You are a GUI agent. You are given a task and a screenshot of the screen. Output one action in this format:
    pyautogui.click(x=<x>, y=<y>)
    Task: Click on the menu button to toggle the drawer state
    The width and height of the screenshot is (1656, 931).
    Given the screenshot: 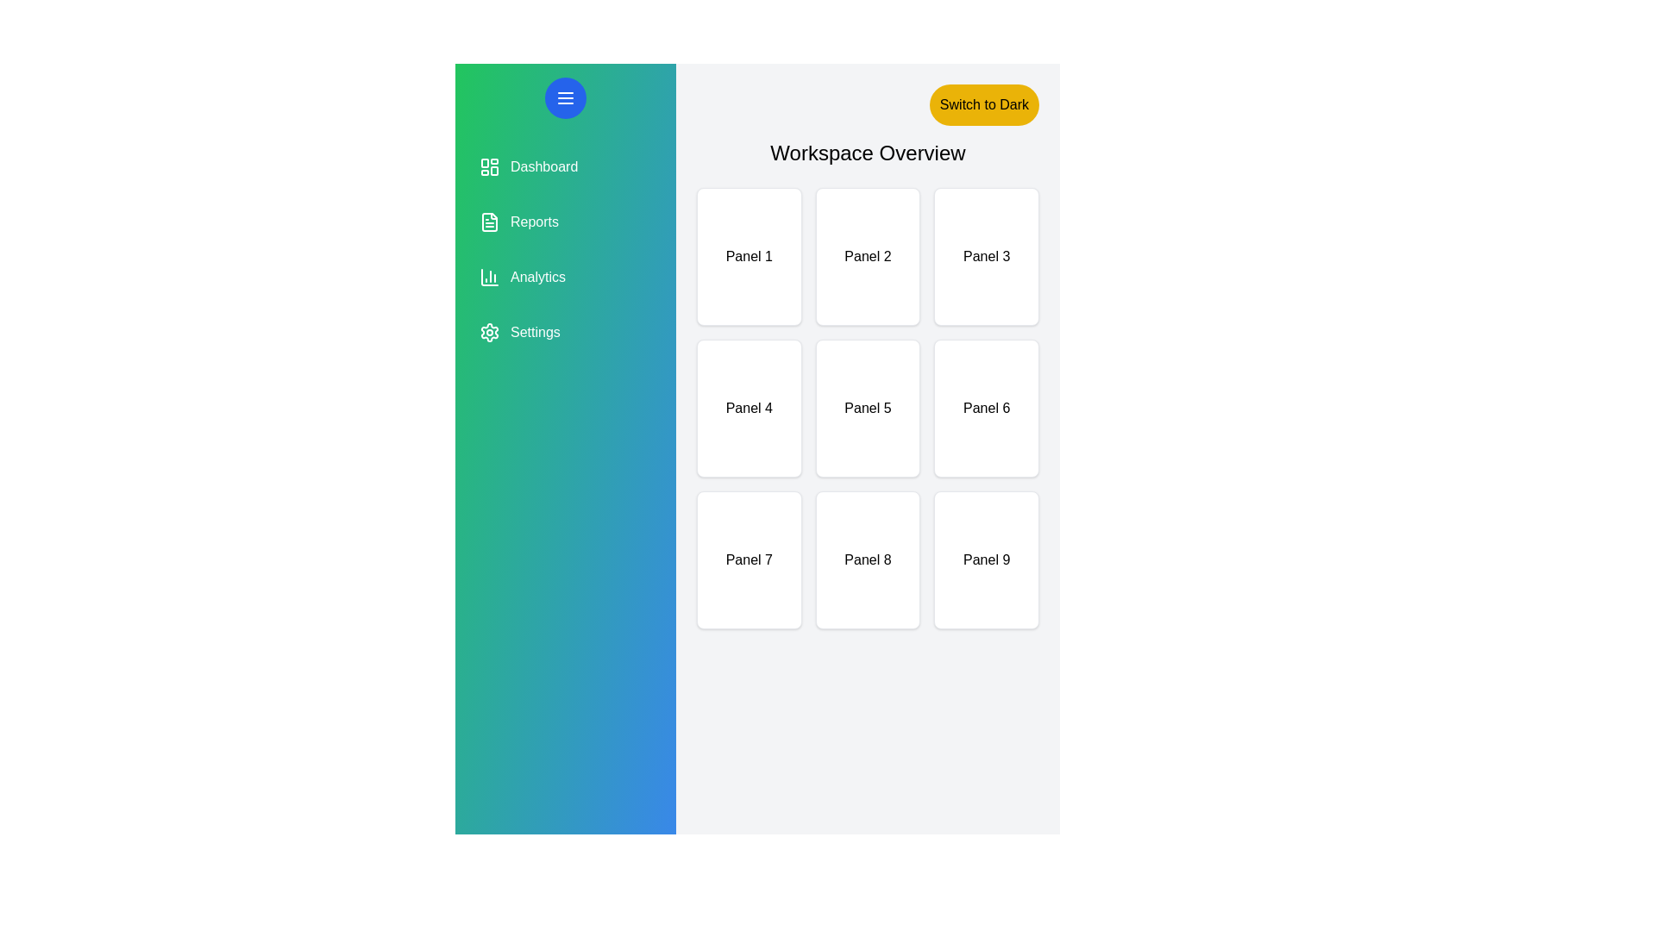 What is the action you would take?
    pyautogui.click(x=566, y=98)
    